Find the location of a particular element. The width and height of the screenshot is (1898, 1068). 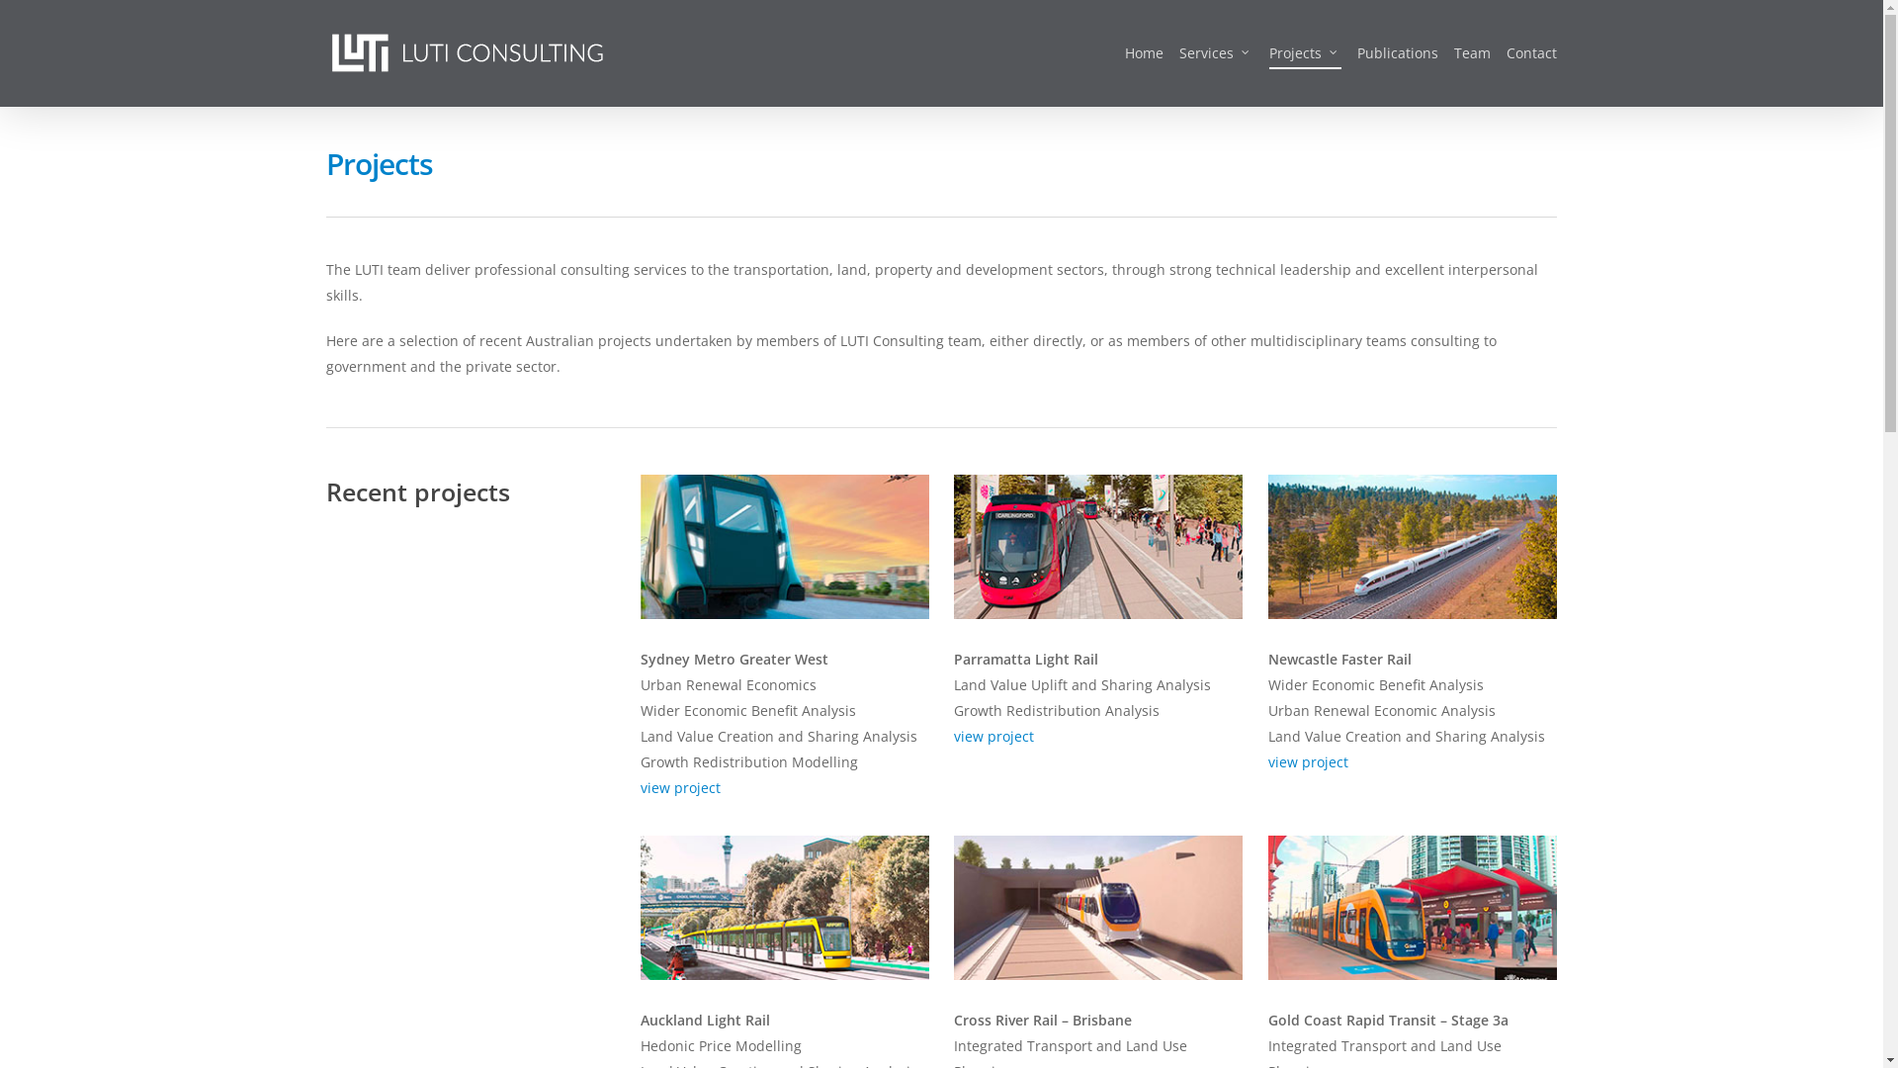

'Team' is located at coordinates (1472, 52).